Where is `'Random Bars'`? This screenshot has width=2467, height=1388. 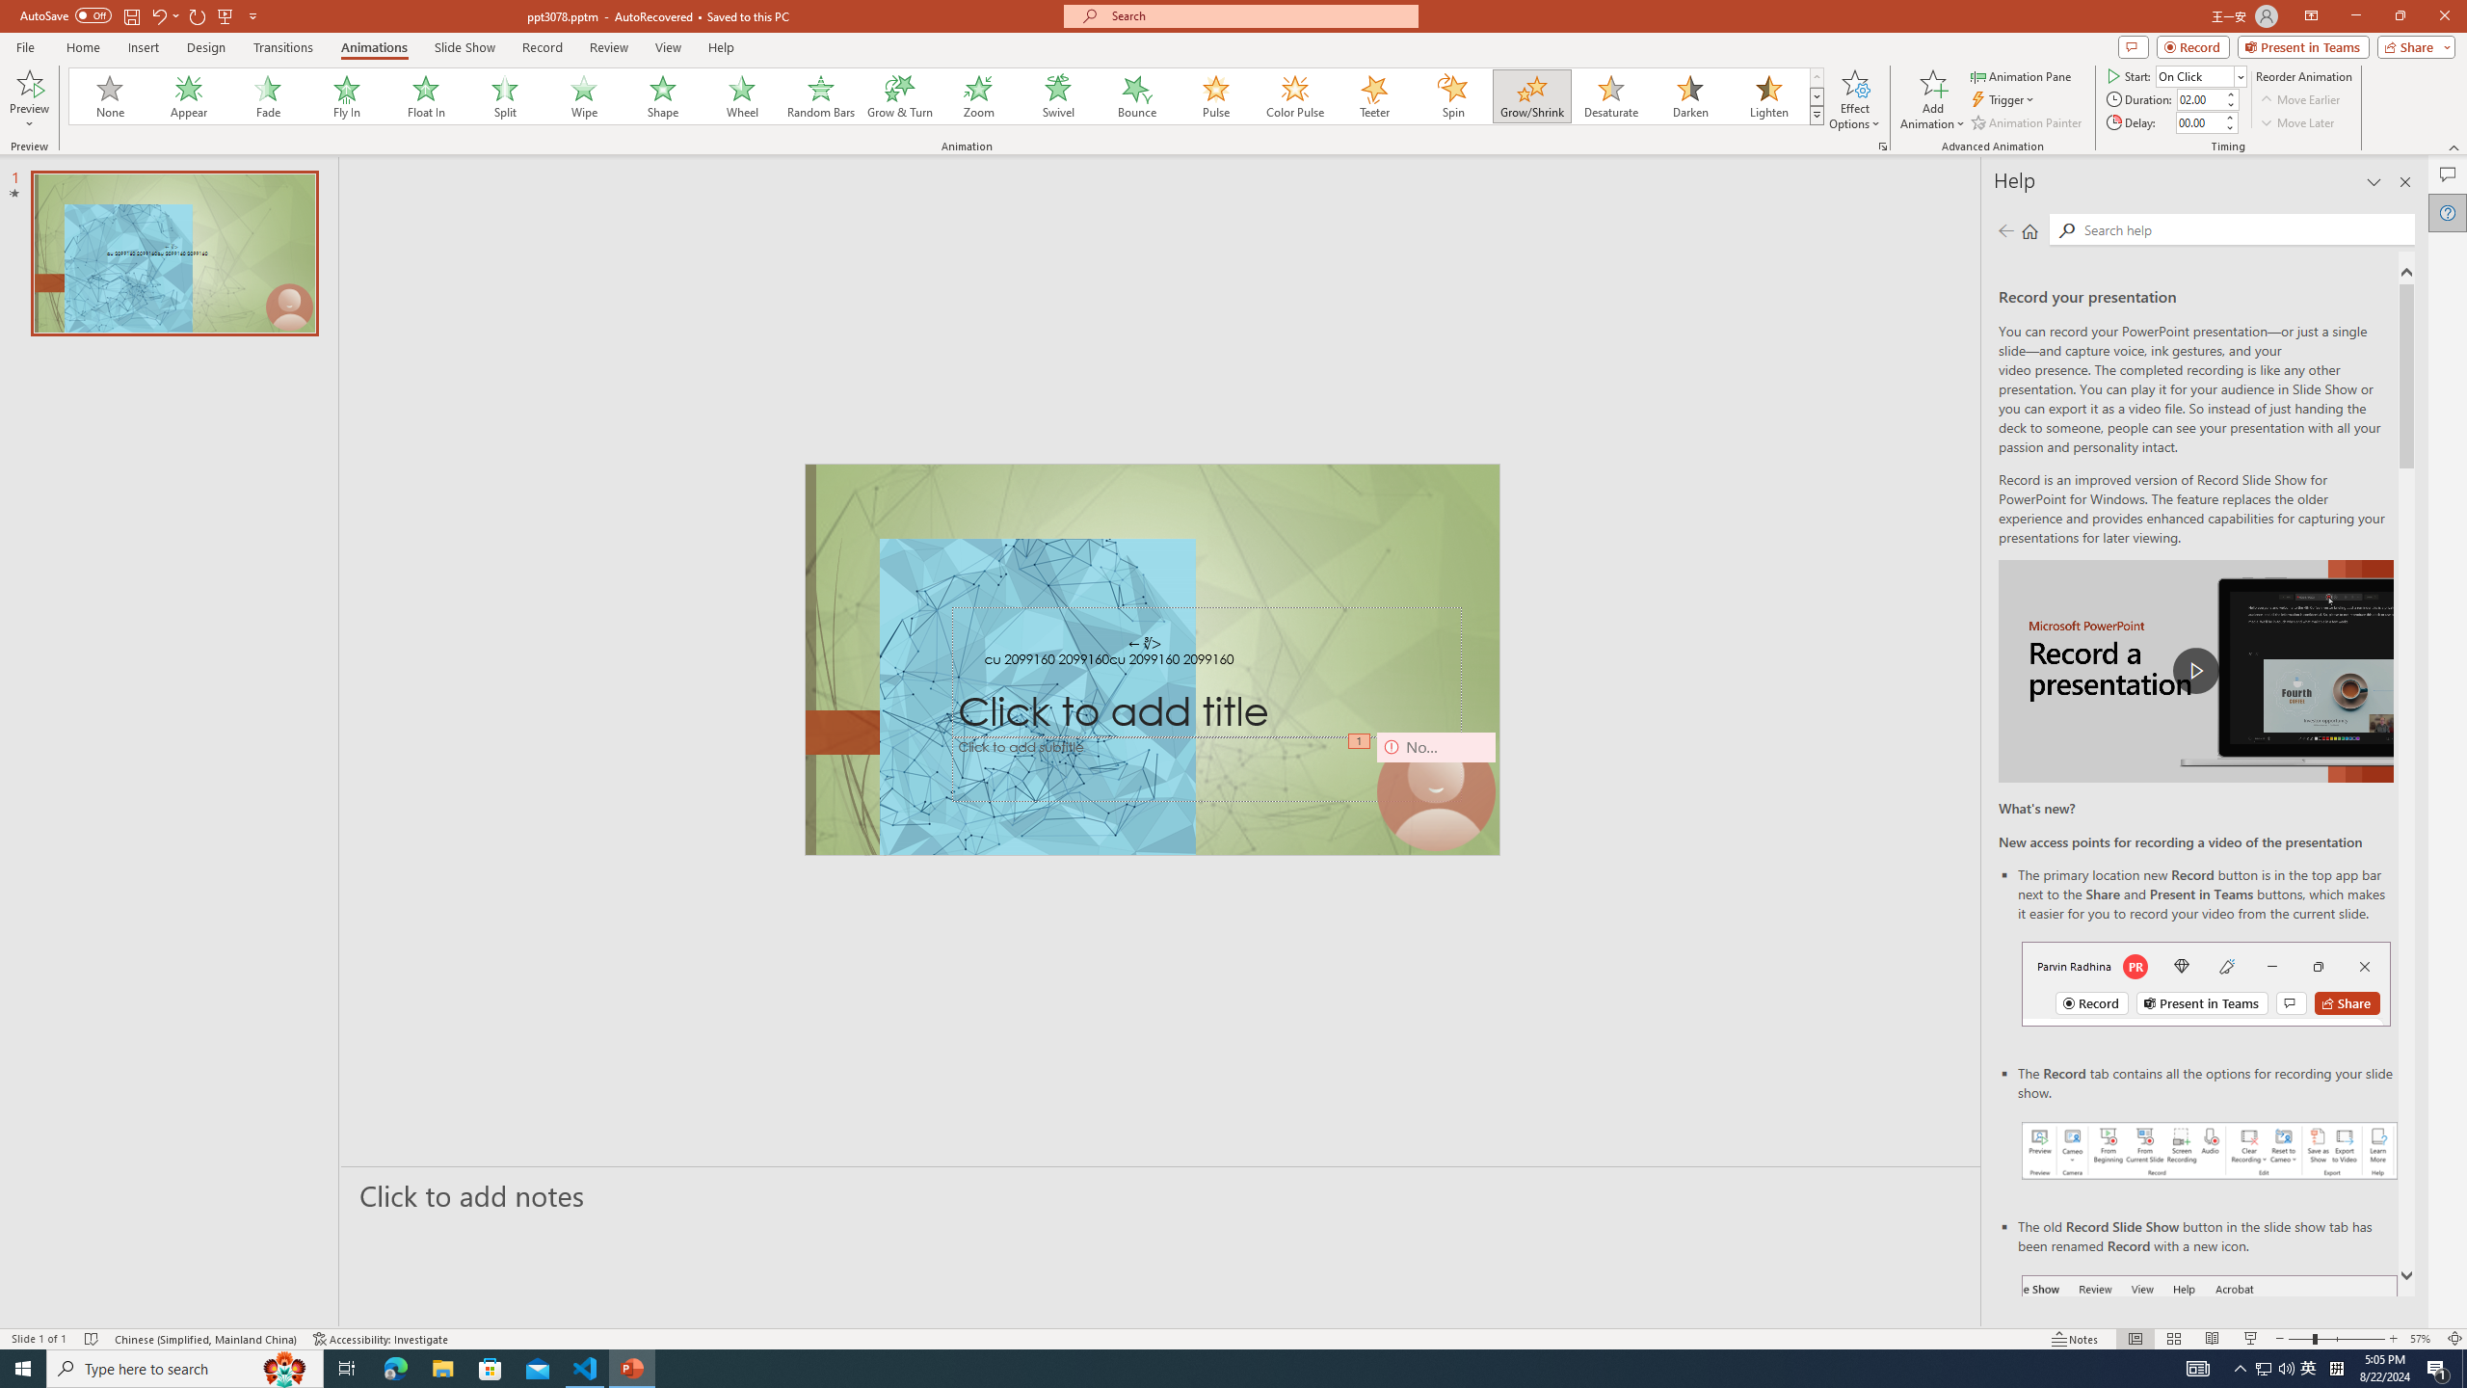
'Random Bars' is located at coordinates (820, 95).